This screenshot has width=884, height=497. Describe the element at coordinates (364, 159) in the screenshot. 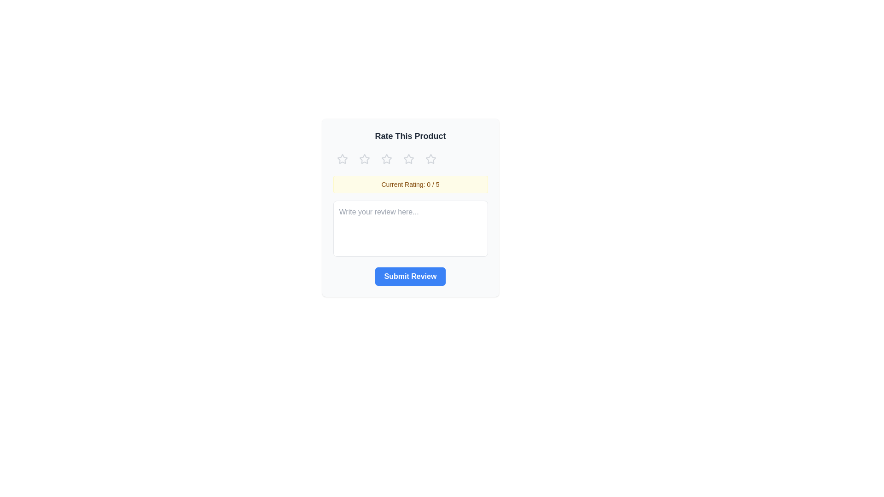

I see `the star corresponding to the desired rating 2` at that location.